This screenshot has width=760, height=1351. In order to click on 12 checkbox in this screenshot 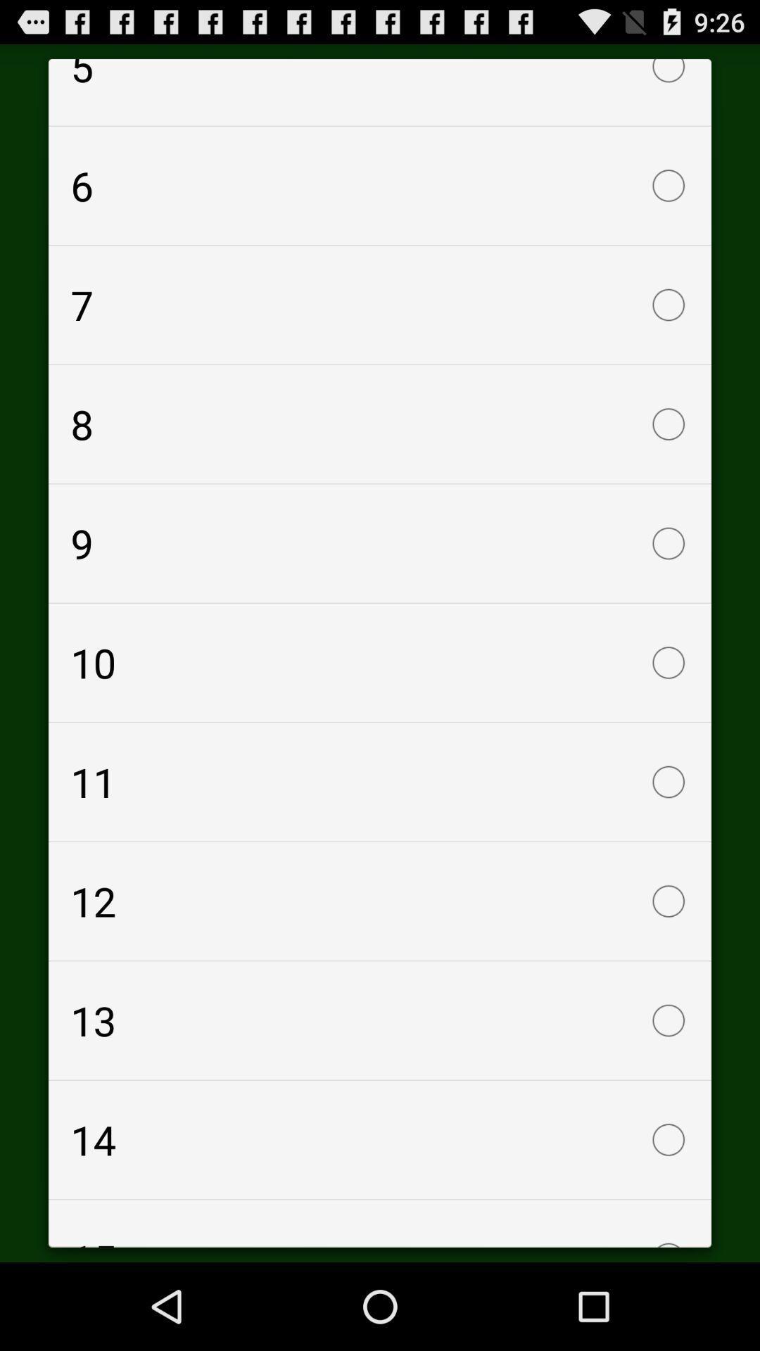, I will do `click(380, 901)`.